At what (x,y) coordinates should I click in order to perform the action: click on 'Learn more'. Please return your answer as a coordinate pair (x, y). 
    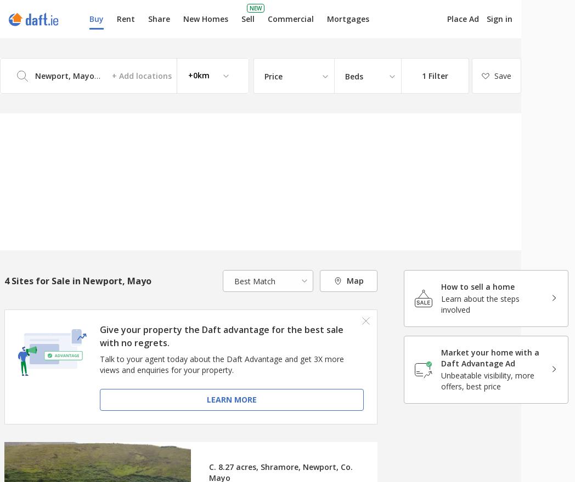
    Looking at the image, I should click on (231, 399).